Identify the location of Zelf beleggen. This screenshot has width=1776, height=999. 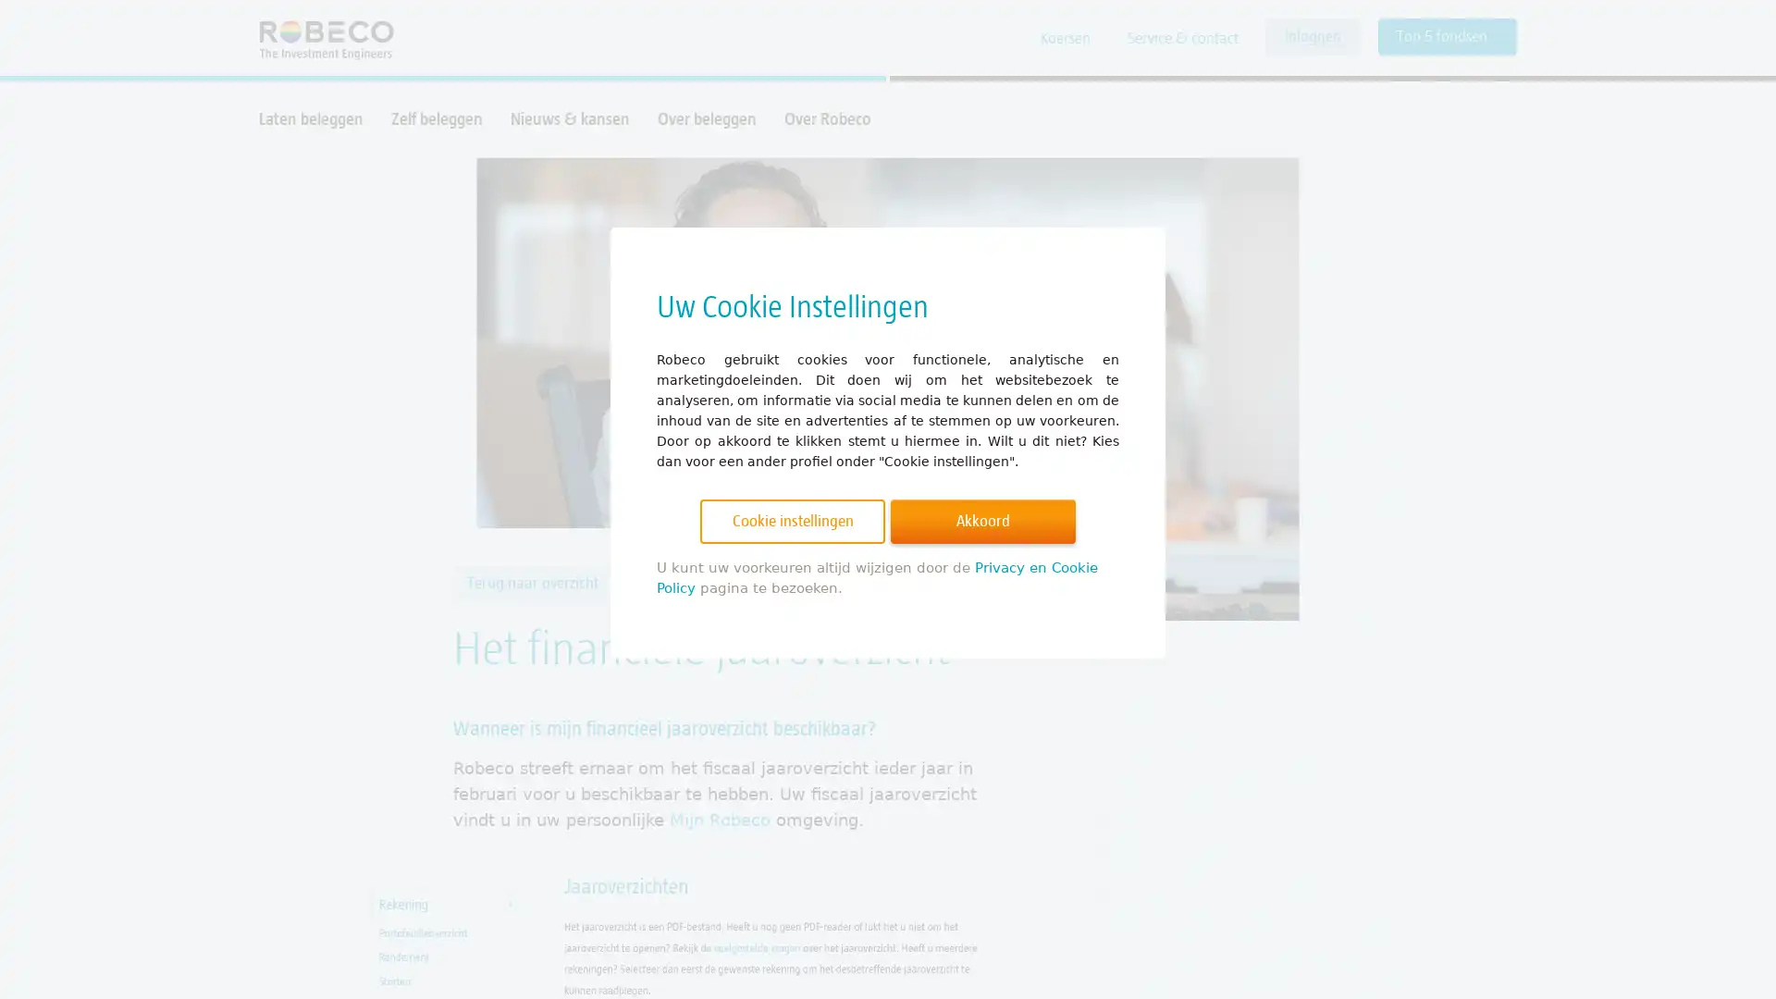
(436, 118).